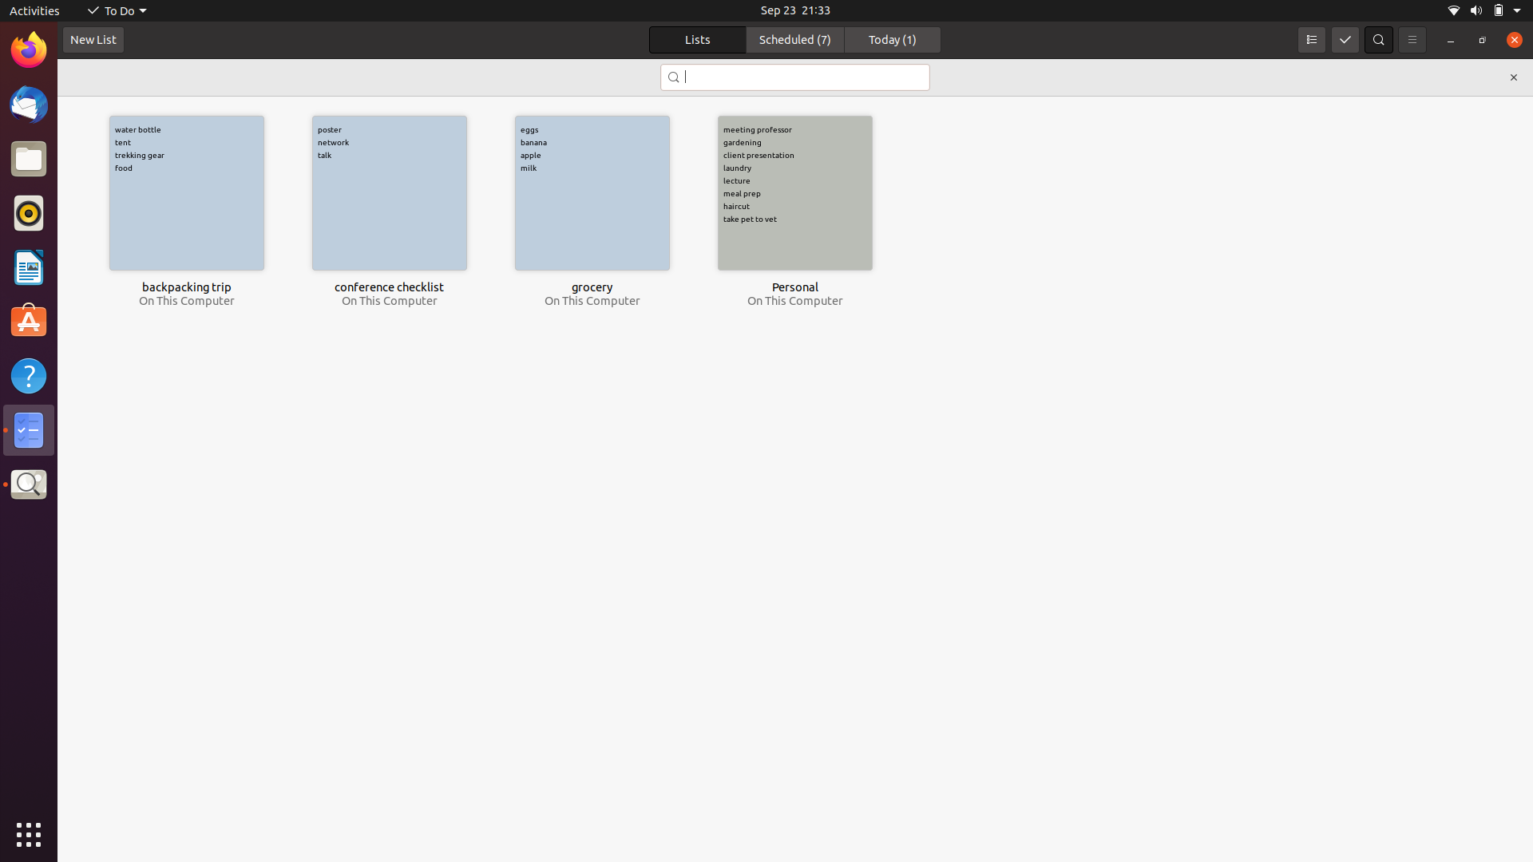 The image size is (1533, 862). Describe the element at coordinates (795, 39) in the screenshot. I see `the "Scheduled" tab` at that location.